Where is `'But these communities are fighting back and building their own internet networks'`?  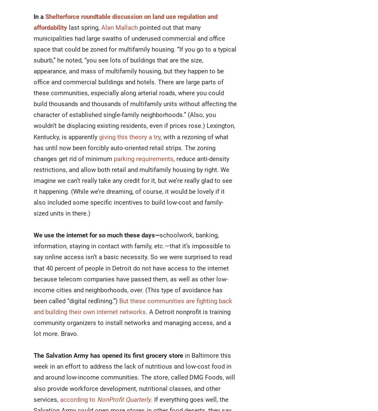 'But these communities are fighting back and building their own internet networks' is located at coordinates (132, 306).